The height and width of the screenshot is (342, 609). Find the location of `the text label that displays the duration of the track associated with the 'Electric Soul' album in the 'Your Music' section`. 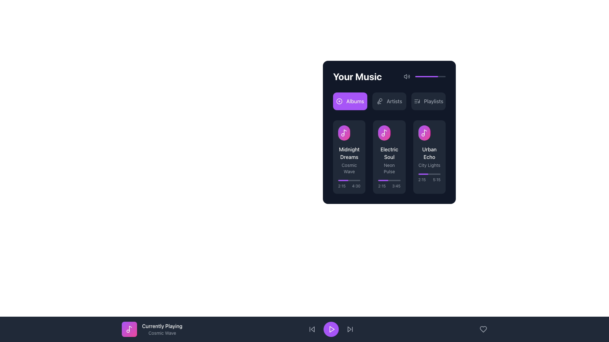

the text label that displays the duration of the track associated with the 'Electric Soul' album in the 'Your Music' section is located at coordinates (396, 186).